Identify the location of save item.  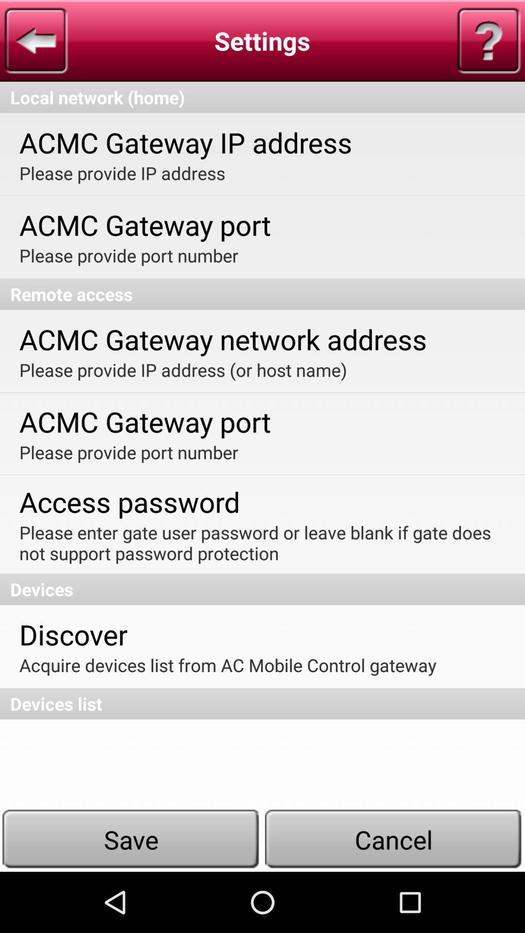
(131, 839).